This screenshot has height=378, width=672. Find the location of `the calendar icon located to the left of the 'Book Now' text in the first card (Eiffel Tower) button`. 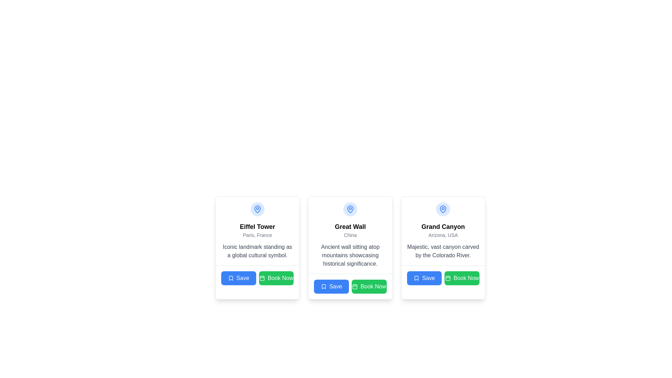

the calendar icon located to the left of the 'Book Now' text in the first card (Eiffel Tower) button is located at coordinates (261, 278).